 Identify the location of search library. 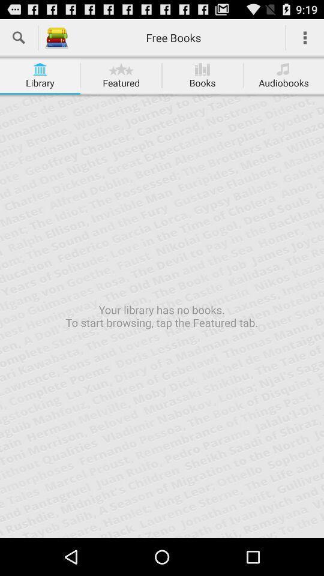
(18, 37).